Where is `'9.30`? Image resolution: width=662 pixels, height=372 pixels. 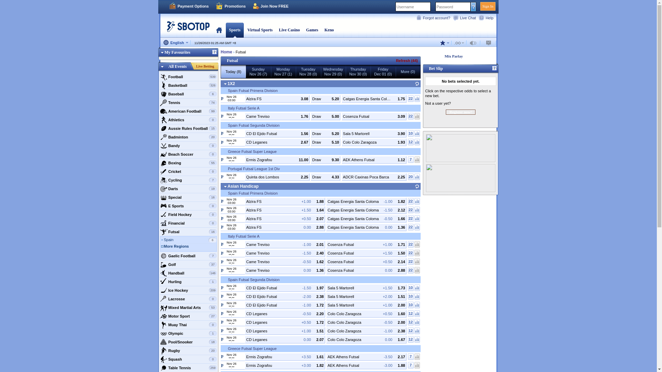
'9.30 is located at coordinates (325, 159).